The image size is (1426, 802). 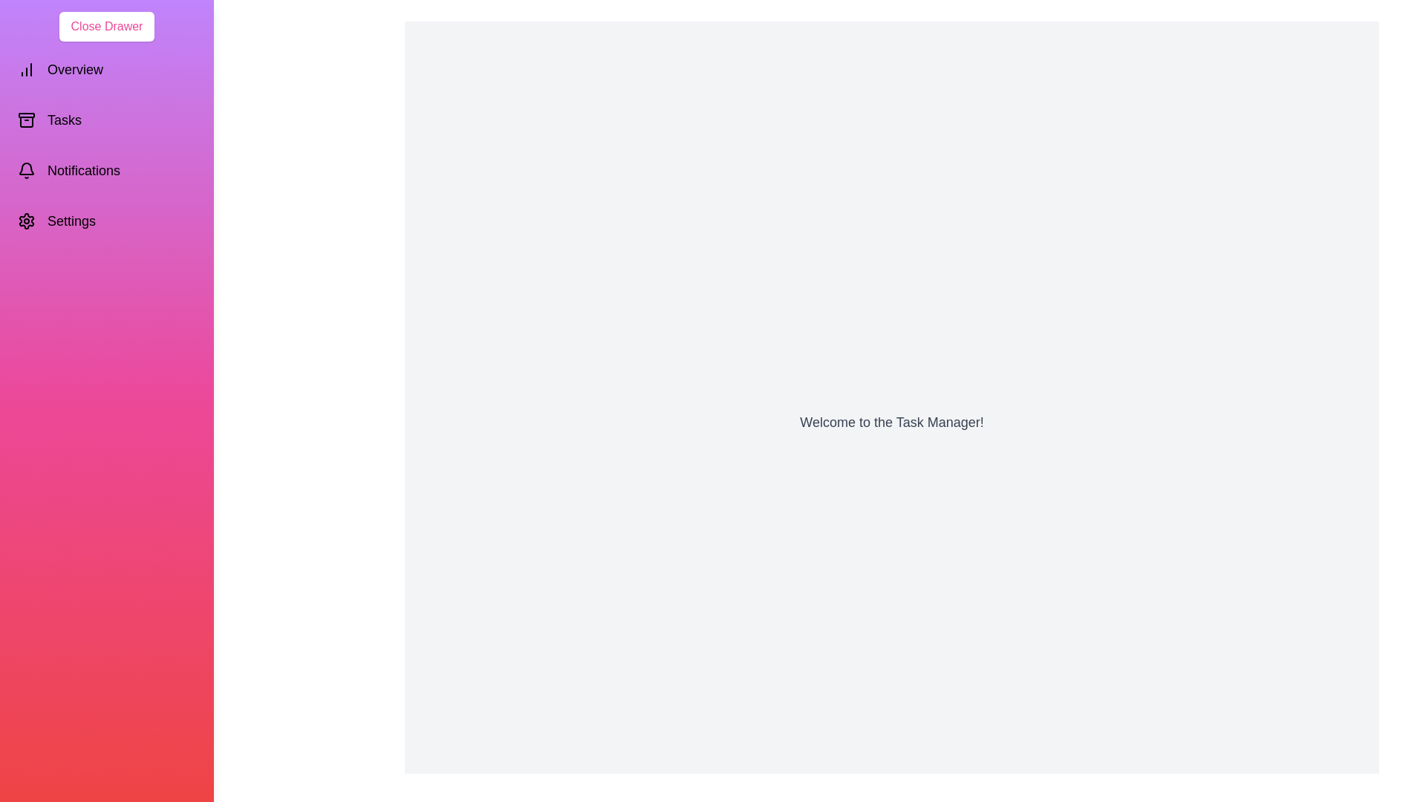 What do you see at coordinates (106, 170) in the screenshot?
I see `the 'Notifications' section in the drawer` at bounding box center [106, 170].